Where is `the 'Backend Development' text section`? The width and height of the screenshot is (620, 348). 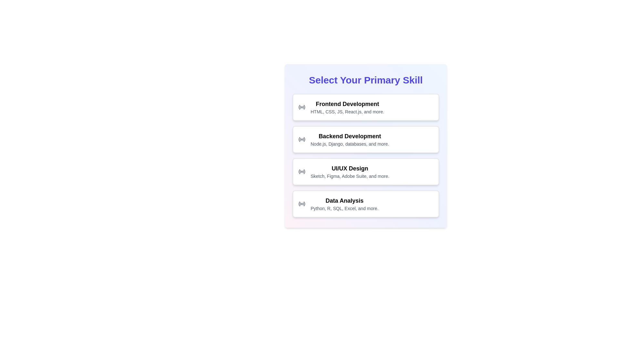 the 'Backend Development' text section is located at coordinates (349, 139).